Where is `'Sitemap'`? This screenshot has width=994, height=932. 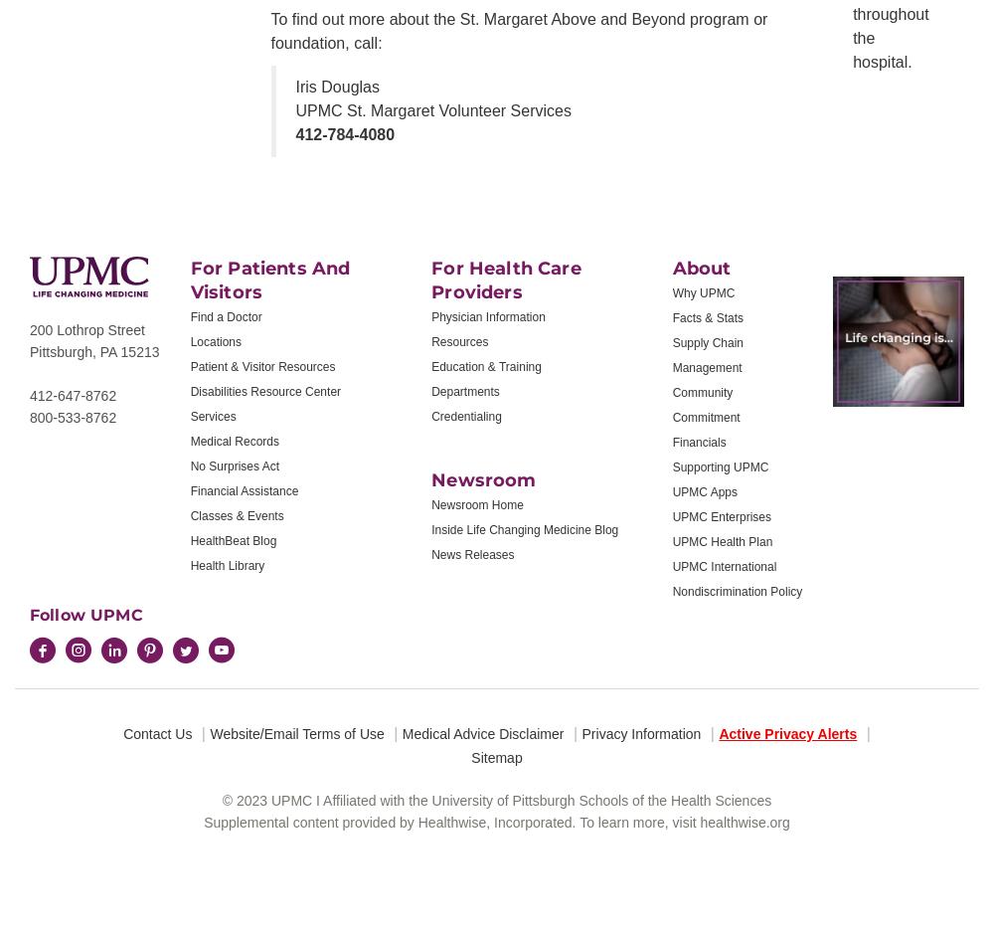
'Sitemap' is located at coordinates (495, 757).